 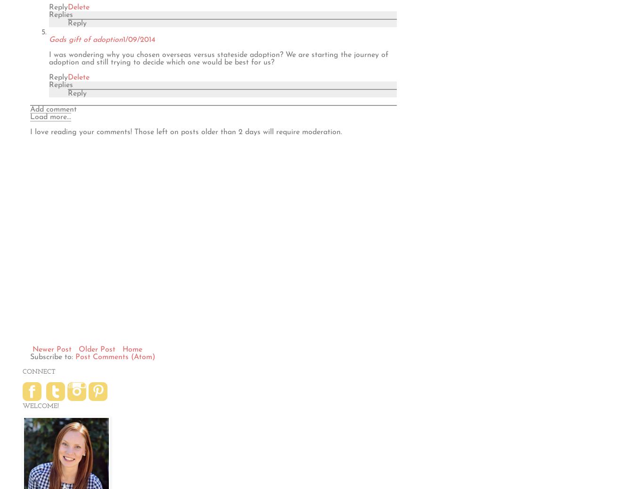 What do you see at coordinates (139, 39) in the screenshot?
I see `'1/09/2014'` at bounding box center [139, 39].